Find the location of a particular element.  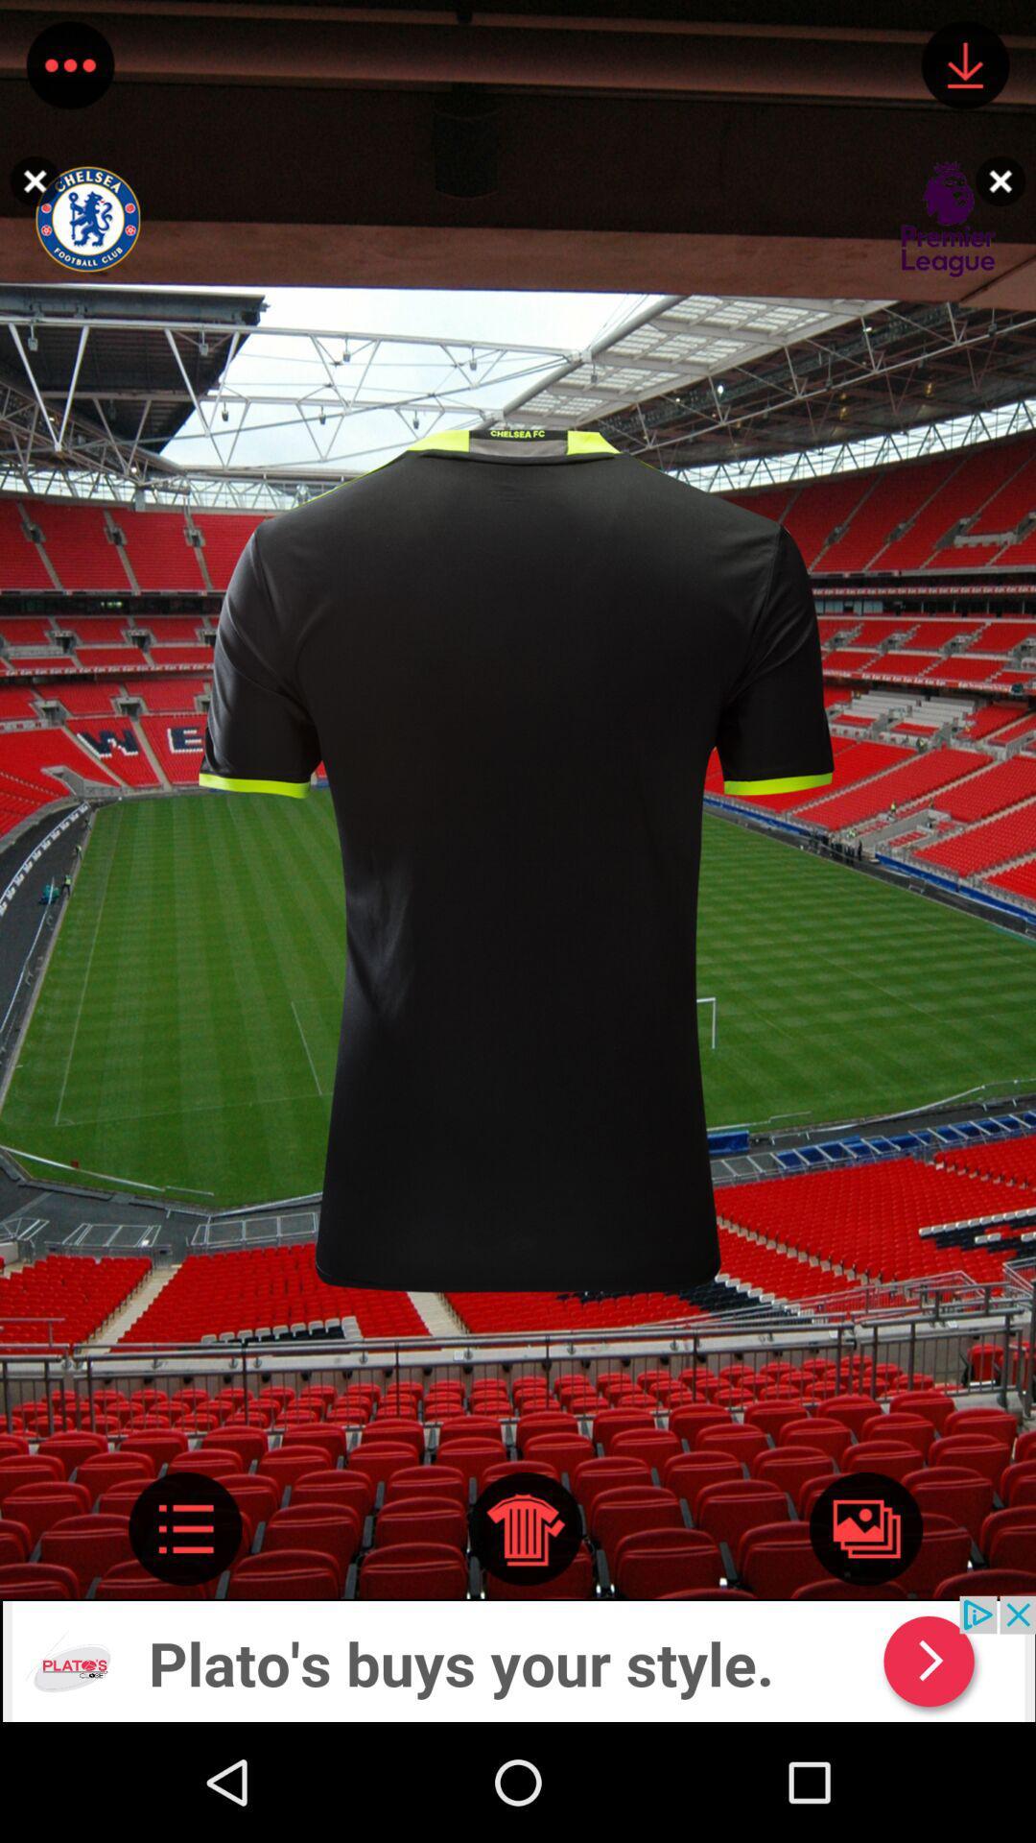

the close icon is located at coordinates (1004, 180).